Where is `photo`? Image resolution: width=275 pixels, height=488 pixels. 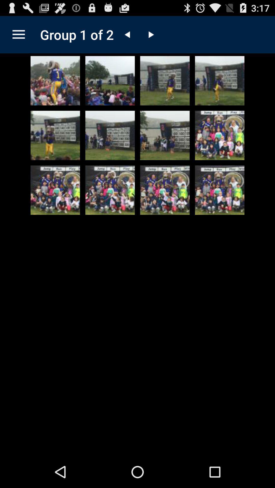
photo is located at coordinates (55, 135).